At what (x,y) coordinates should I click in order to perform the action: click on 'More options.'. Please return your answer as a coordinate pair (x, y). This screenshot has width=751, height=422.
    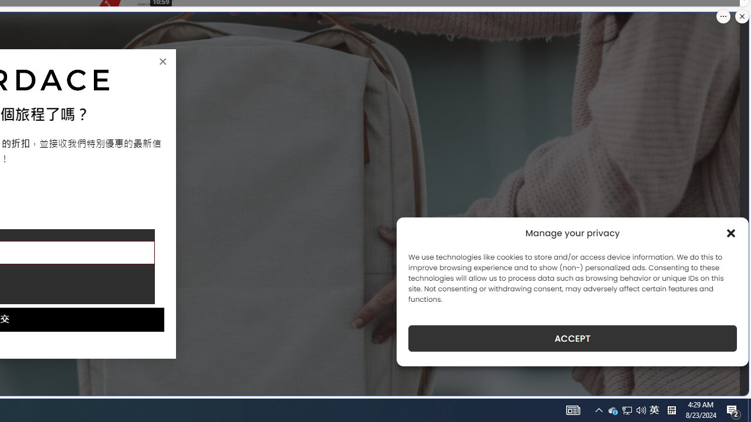
    Looking at the image, I should click on (723, 16).